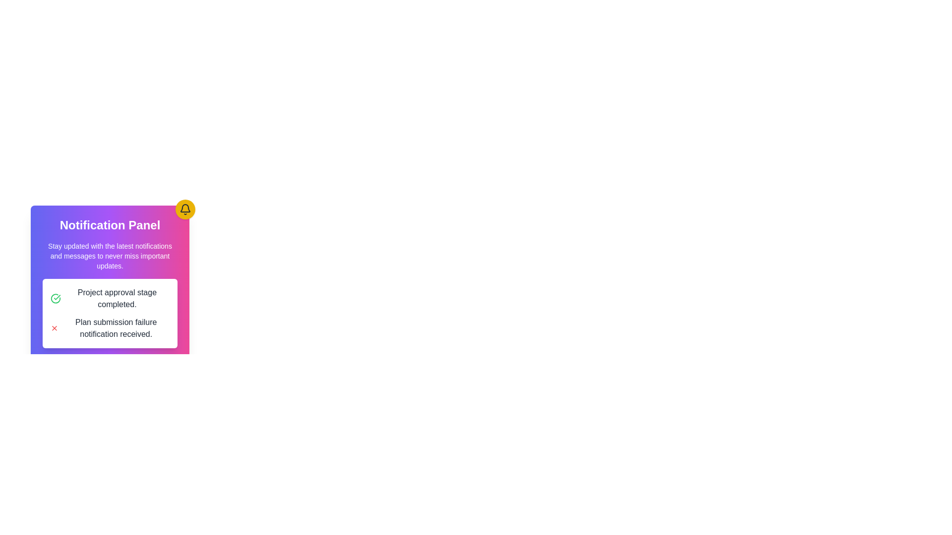 This screenshot has width=952, height=535. I want to click on the green check mark icon indicating project approval, located to the left of the text 'Project approval stage completed' in the notification panel, so click(57, 297).